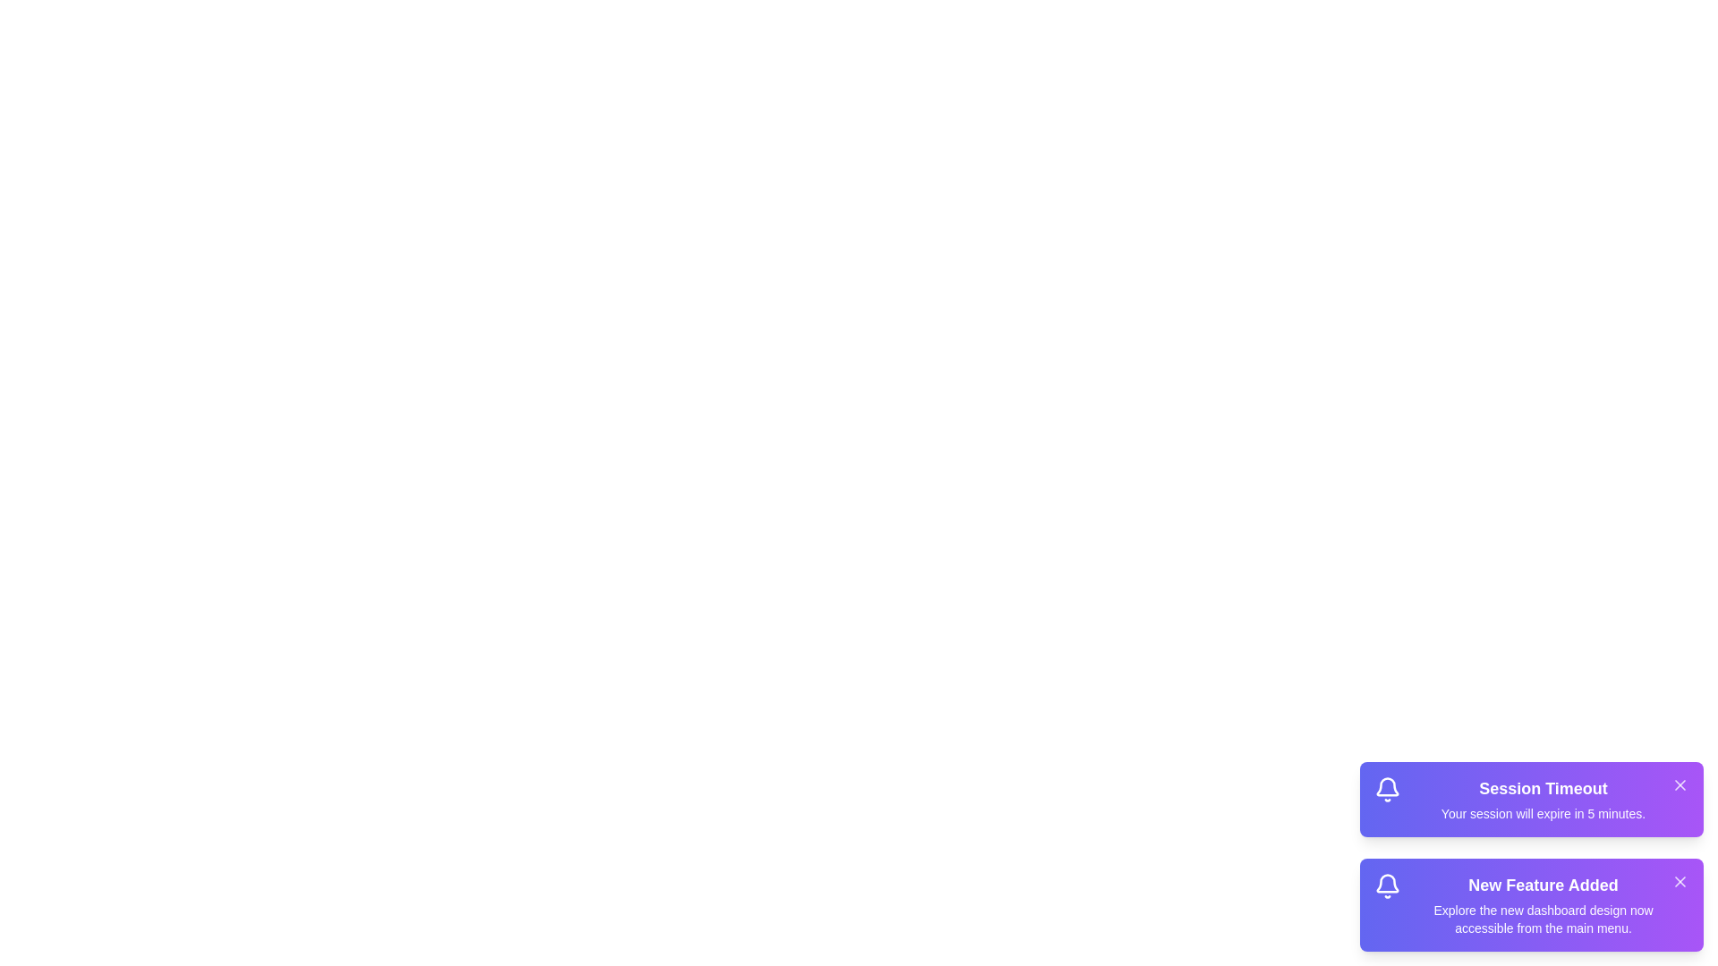 This screenshot has height=966, width=1718. What do you see at coordinates (1386, 789) in the screenshot?
I see `the notification icon to interact with it` at bounding box center [1386, 789].